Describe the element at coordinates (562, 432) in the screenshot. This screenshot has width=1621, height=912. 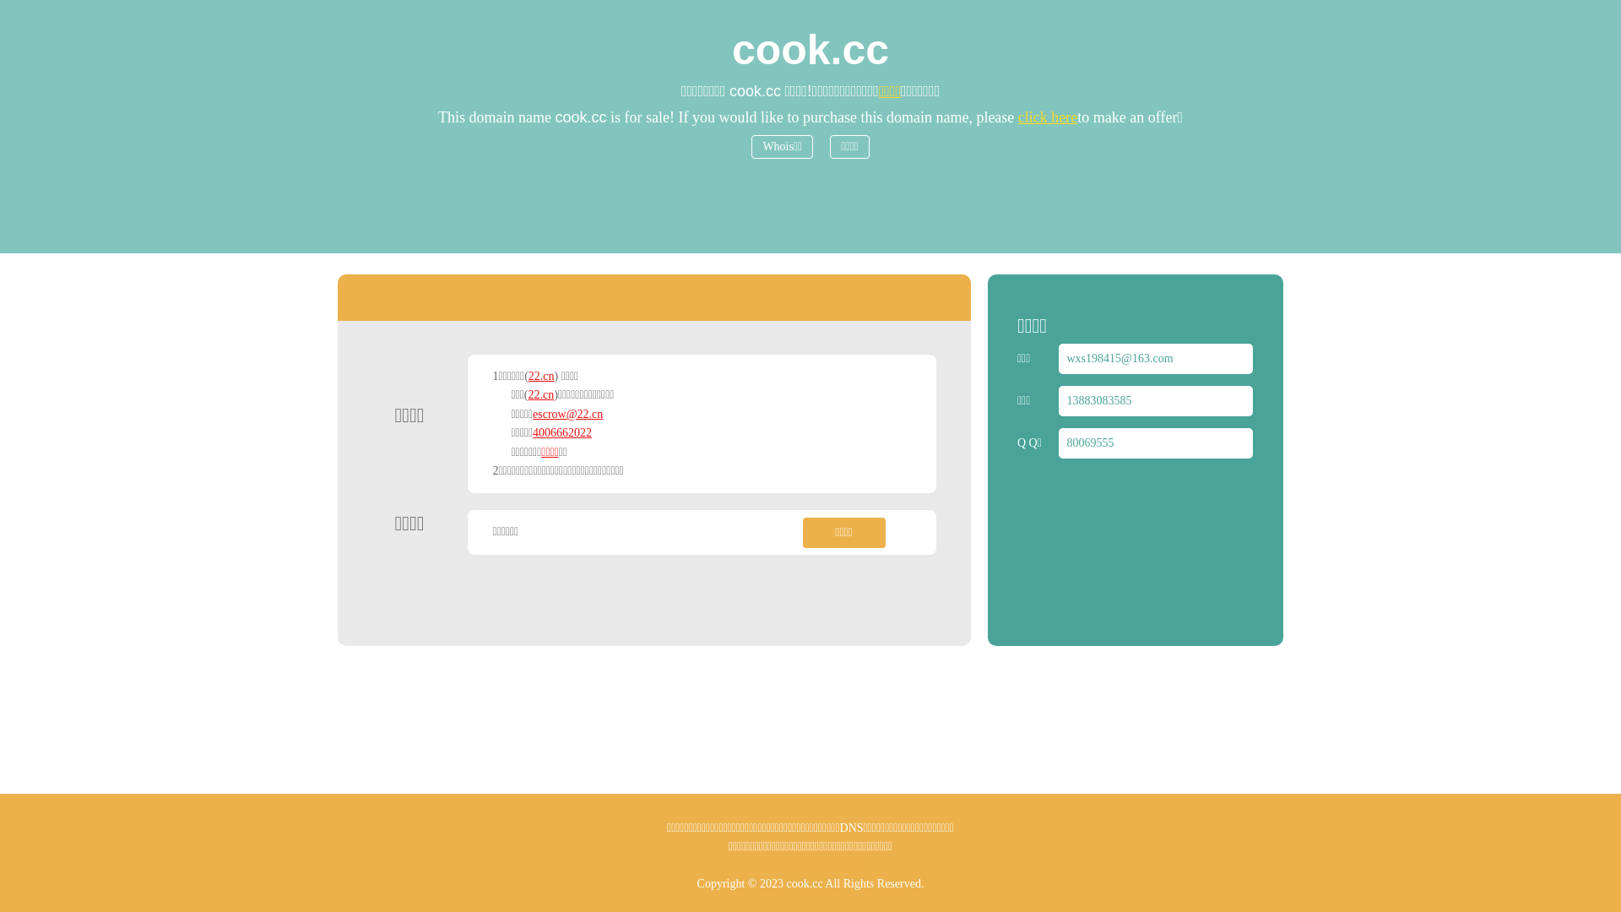
I see `'4006662022'` at that location.